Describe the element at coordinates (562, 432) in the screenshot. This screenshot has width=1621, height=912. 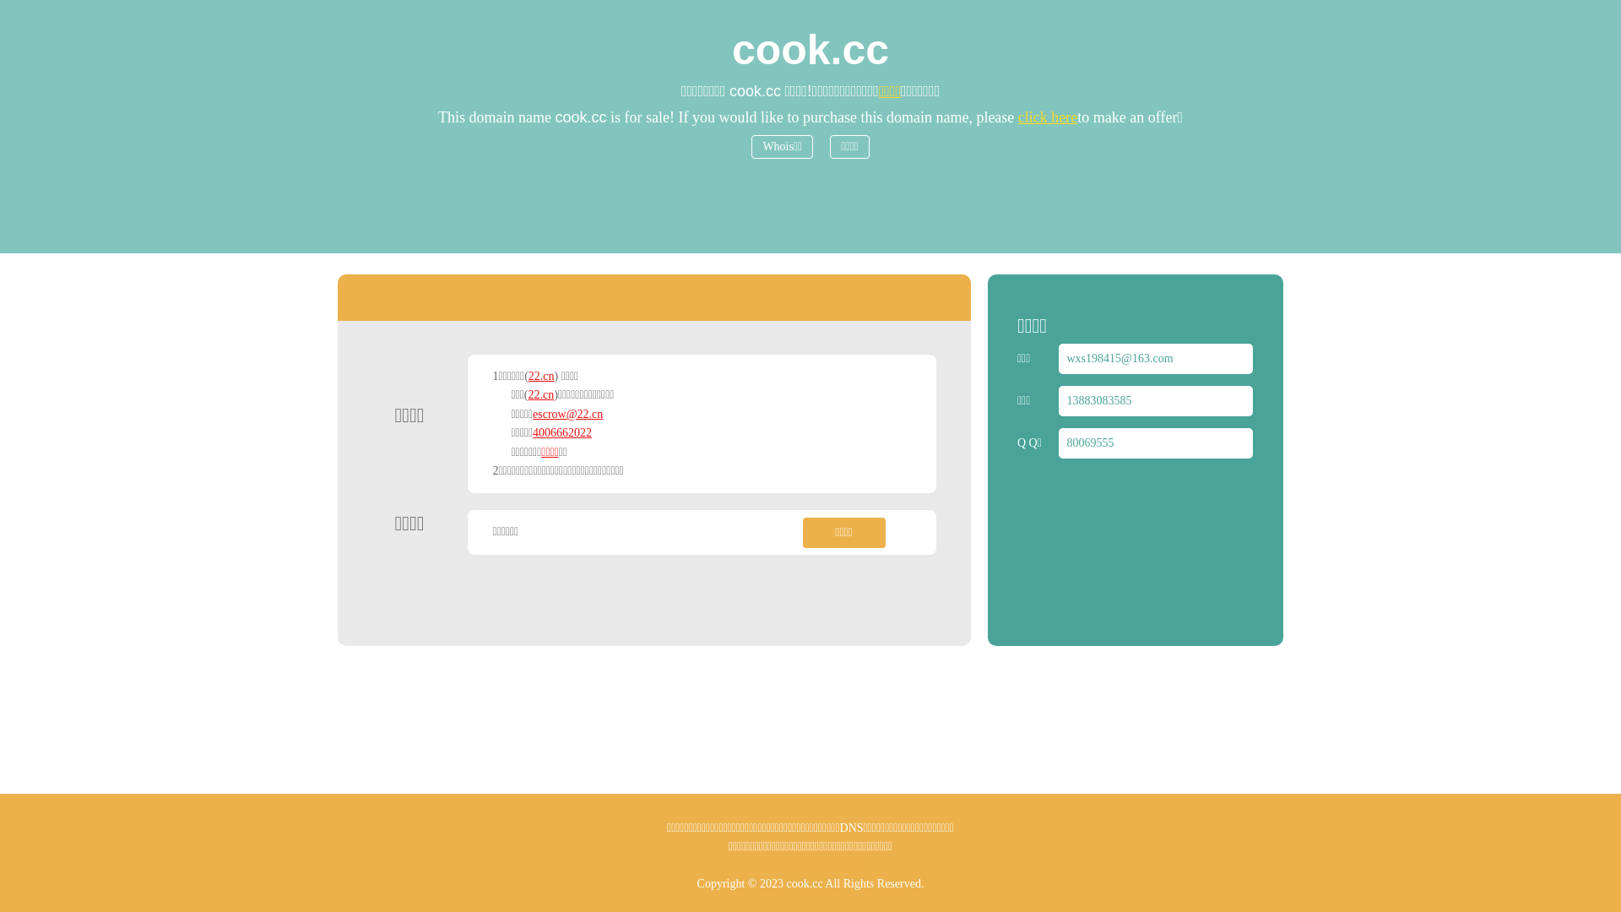
I see `'4006662022'` at that location.